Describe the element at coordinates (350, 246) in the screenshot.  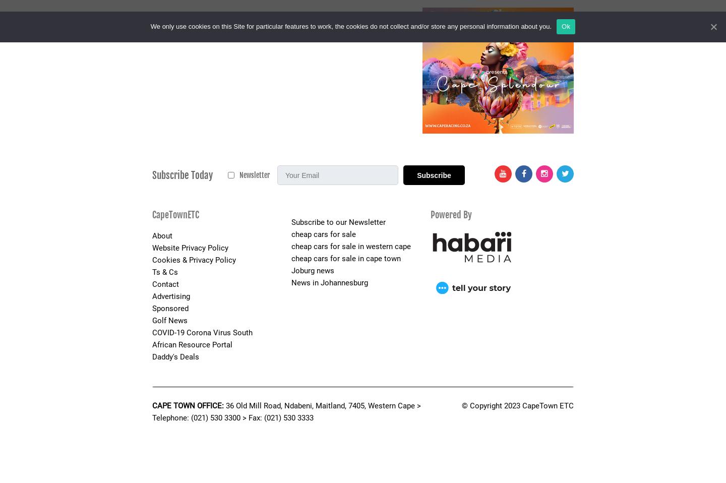
I see `'cheap cars for sale in western cape'` at that location.